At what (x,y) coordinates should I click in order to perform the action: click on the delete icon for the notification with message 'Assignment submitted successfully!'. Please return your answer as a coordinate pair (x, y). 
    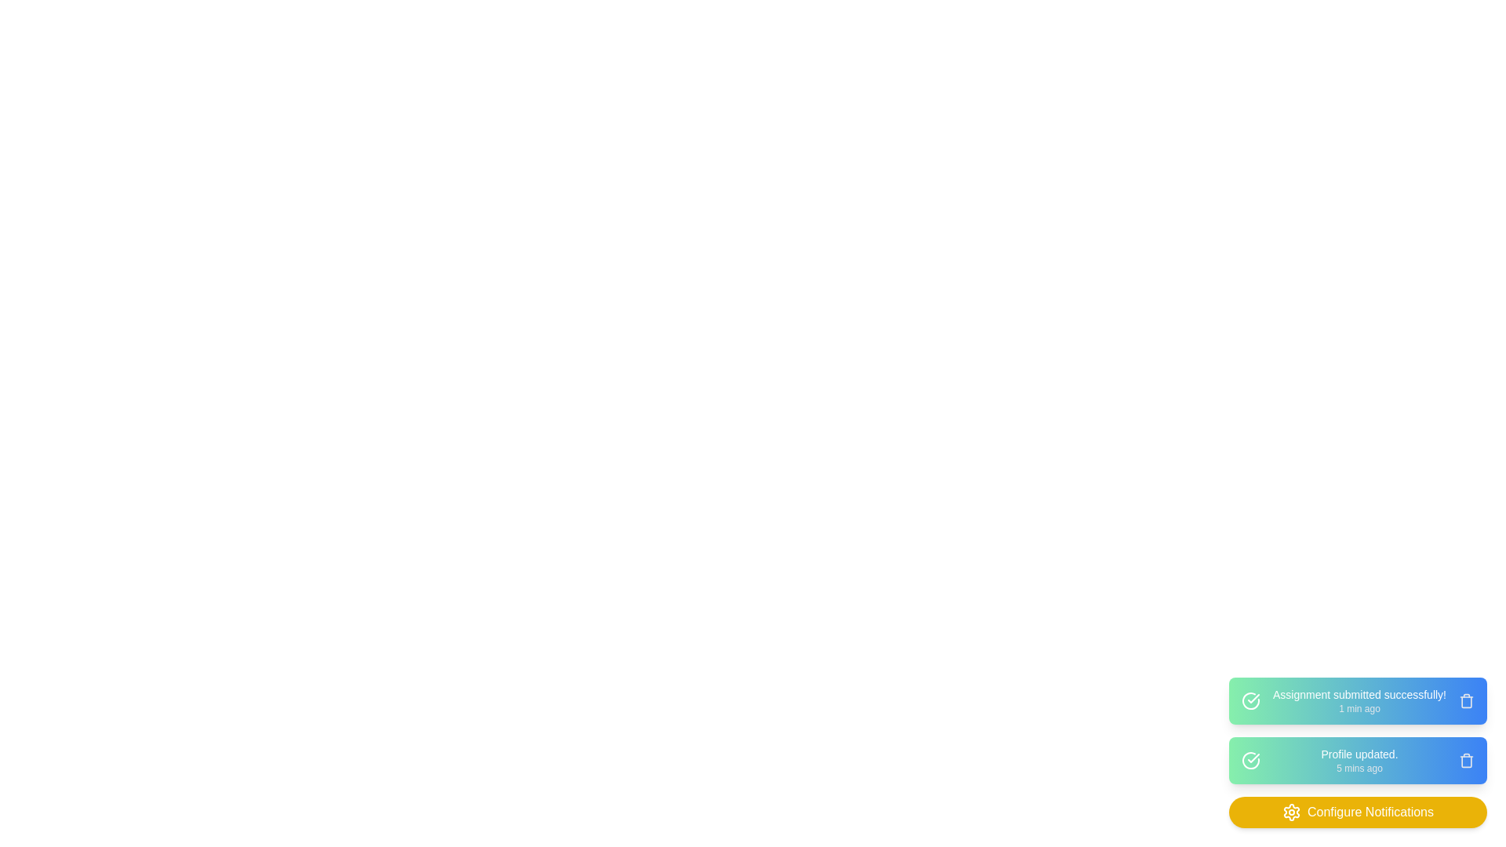
    Looking at the image, I should click on (1466, 700).